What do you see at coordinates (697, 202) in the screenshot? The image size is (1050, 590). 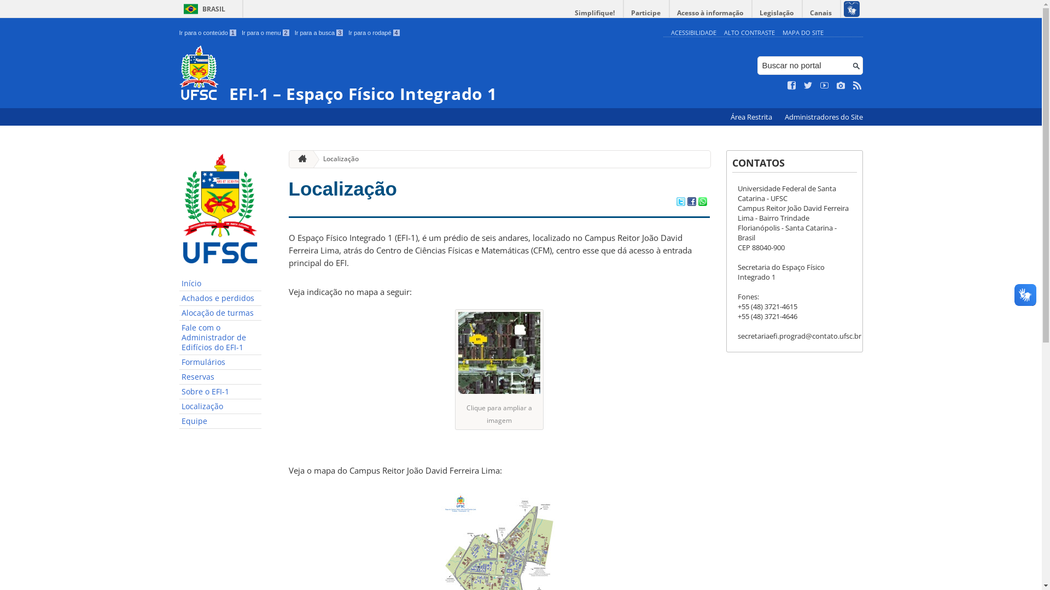 I see `'Compartilhar no WhatsApp'` at bounding box center [697, 202].